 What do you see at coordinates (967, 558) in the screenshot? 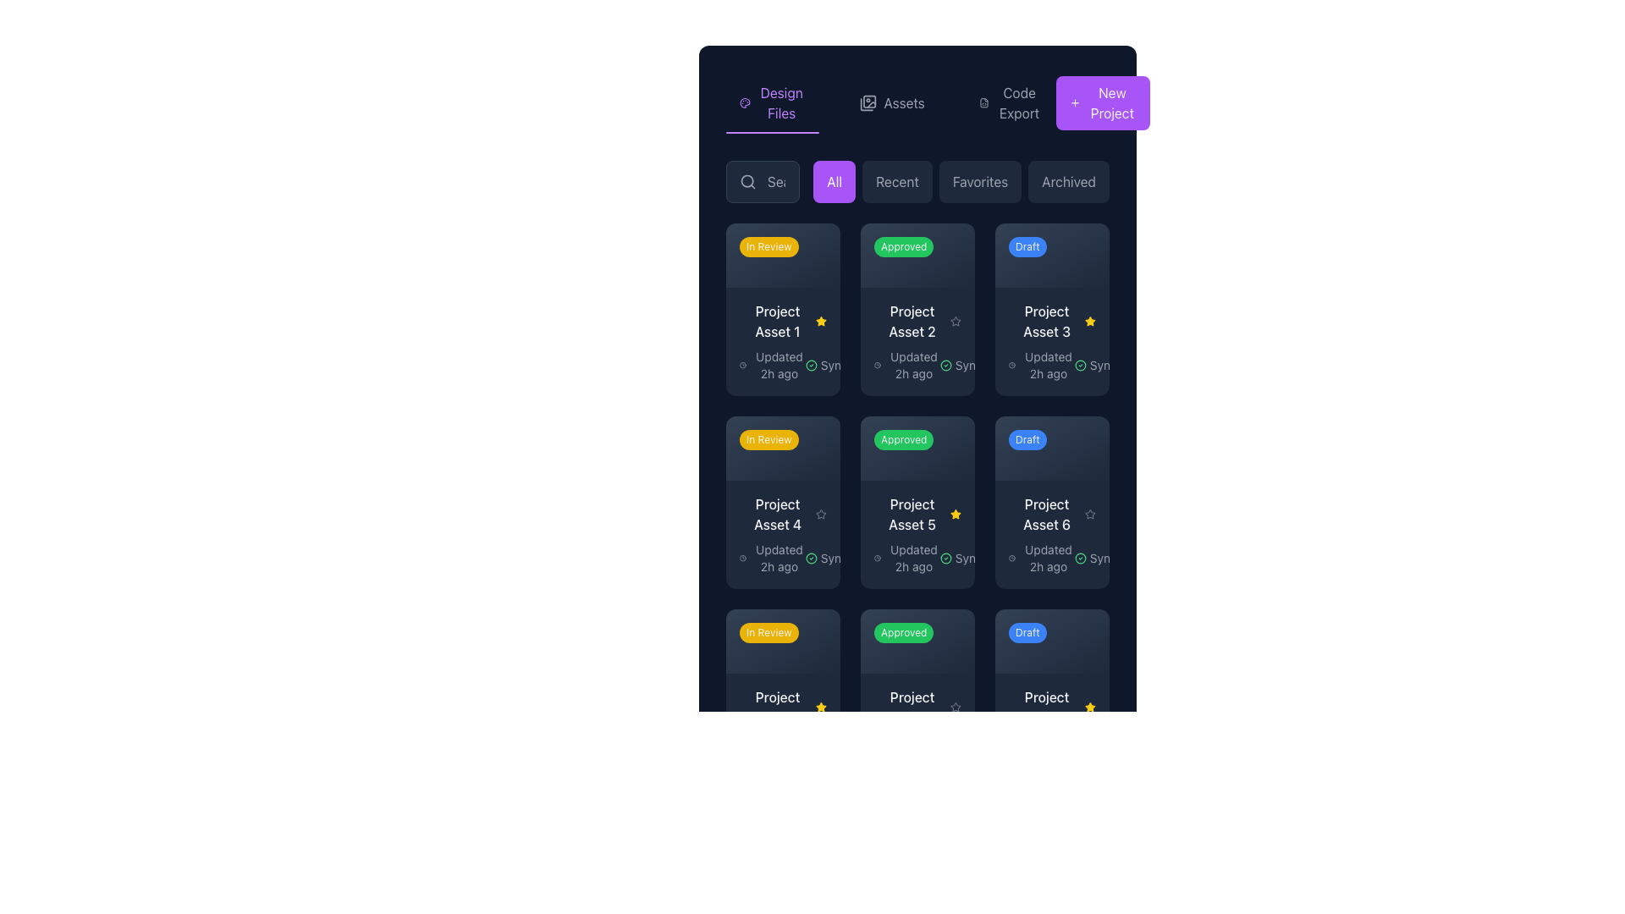
I see `the 'Synced' text label with a green circular checkmark icon, indicating the synchronization status of 'Project Asset 5'` at bounding box center [967, 558].